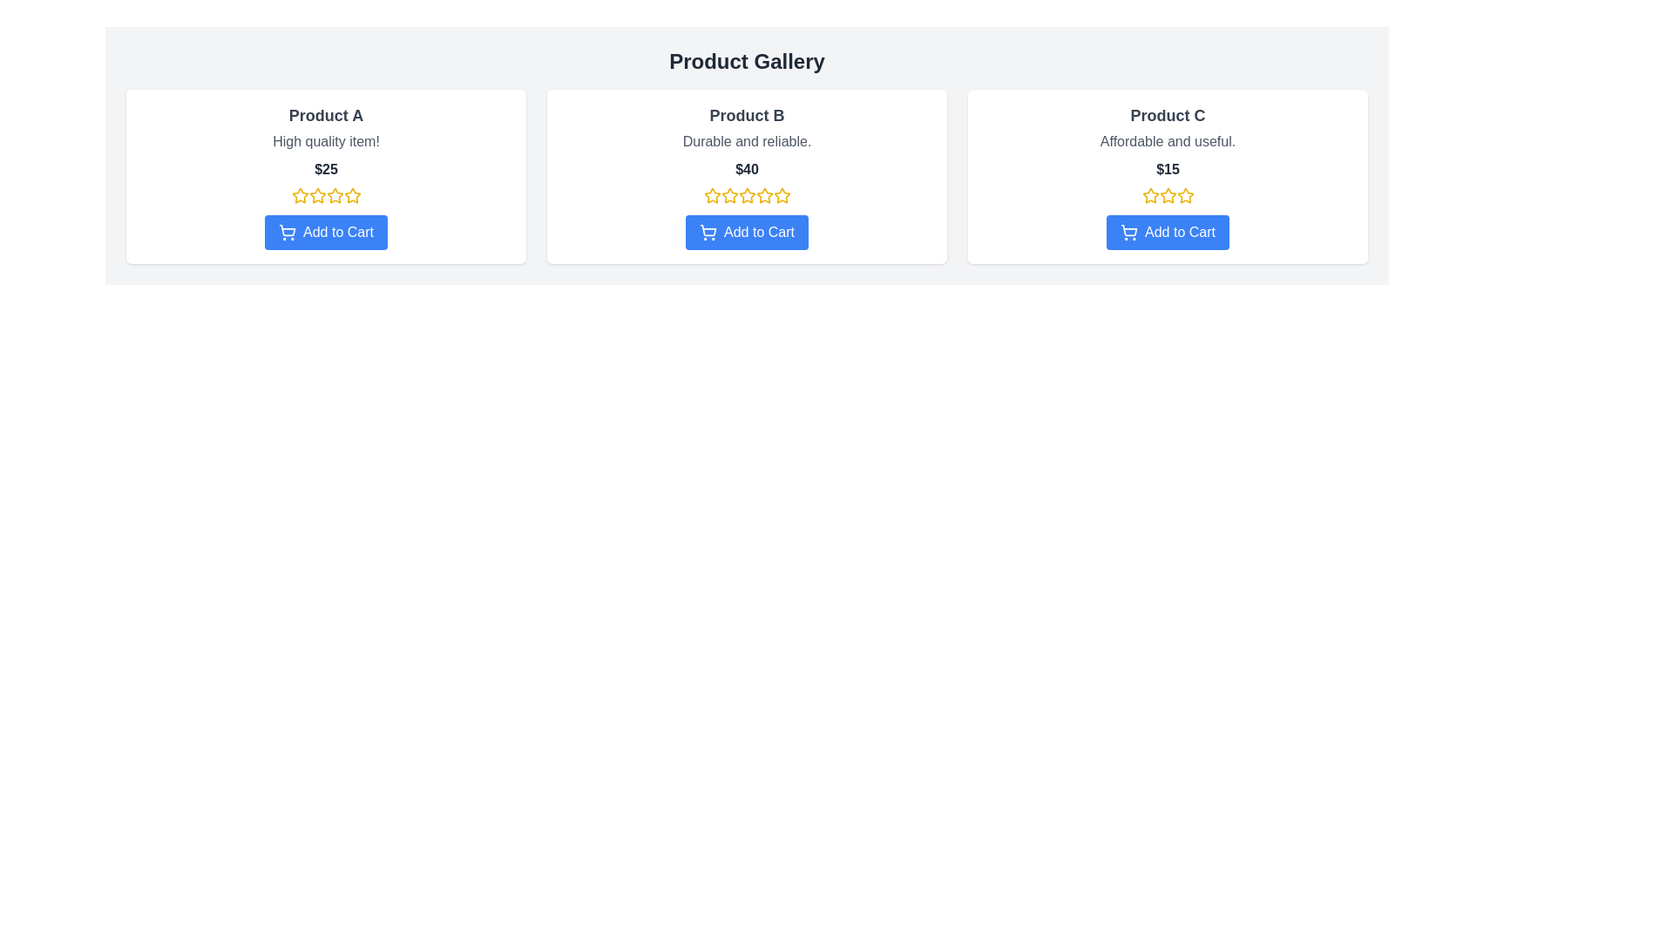 The height and width of the screenshot is (941, 1673). What do you see at coordinates (1168, 140) in the screenshot?
I see `the static text describing 'Product C', which is located below the product title and above the price text, for copying` at bounding box center [1168, 140].